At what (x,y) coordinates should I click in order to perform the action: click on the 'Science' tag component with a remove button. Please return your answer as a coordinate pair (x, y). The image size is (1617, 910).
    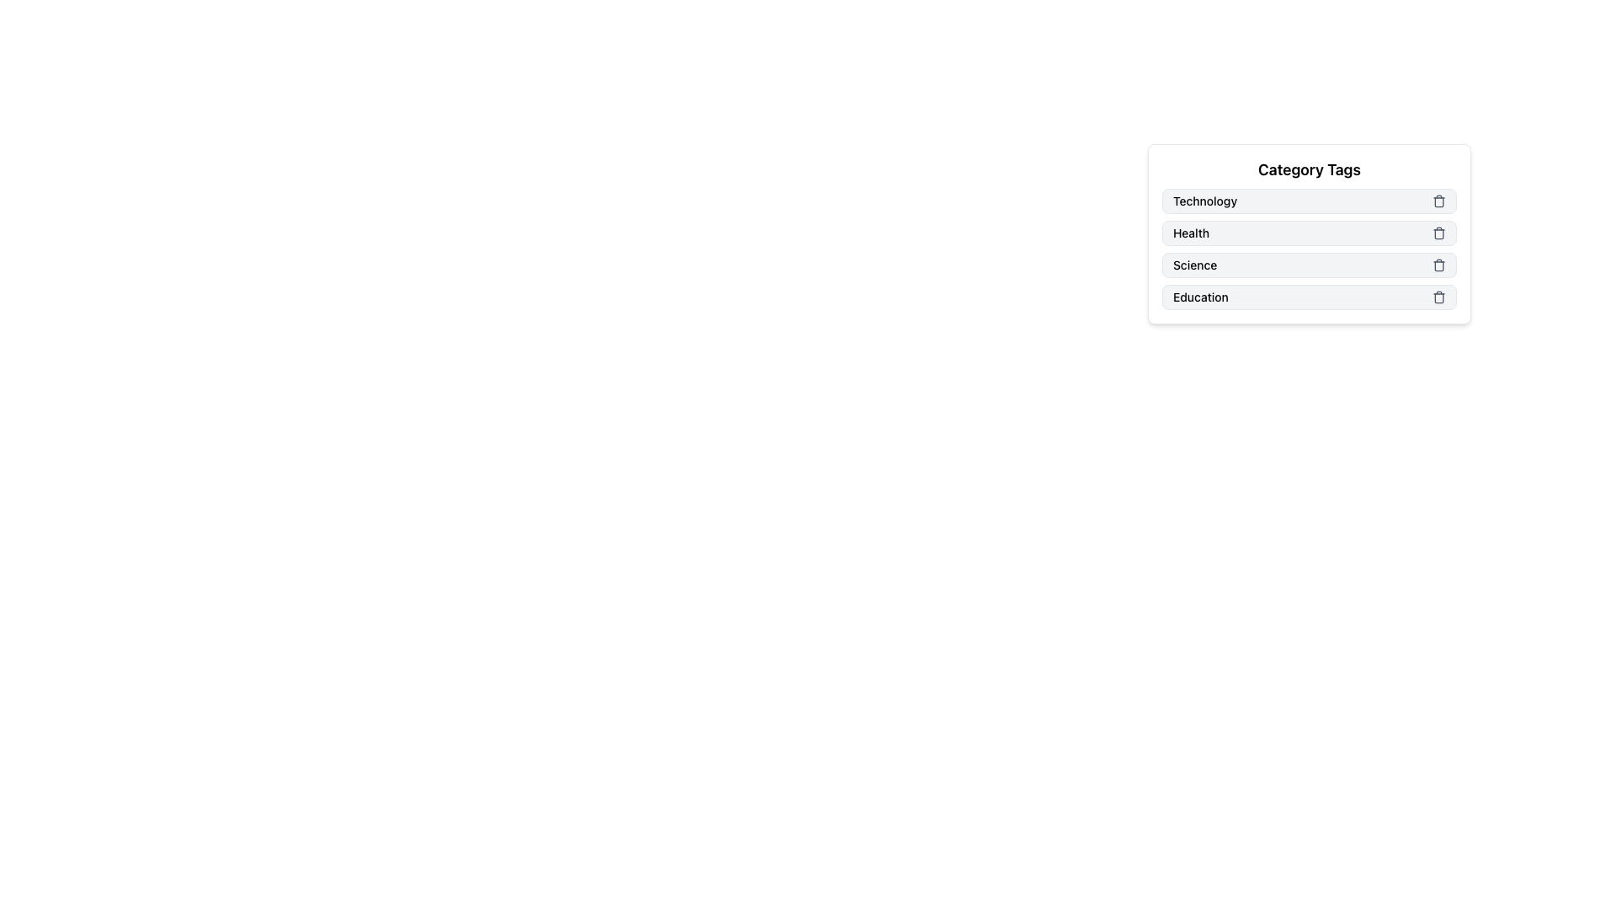
    Looking at the image, I should click on (1309, 265).